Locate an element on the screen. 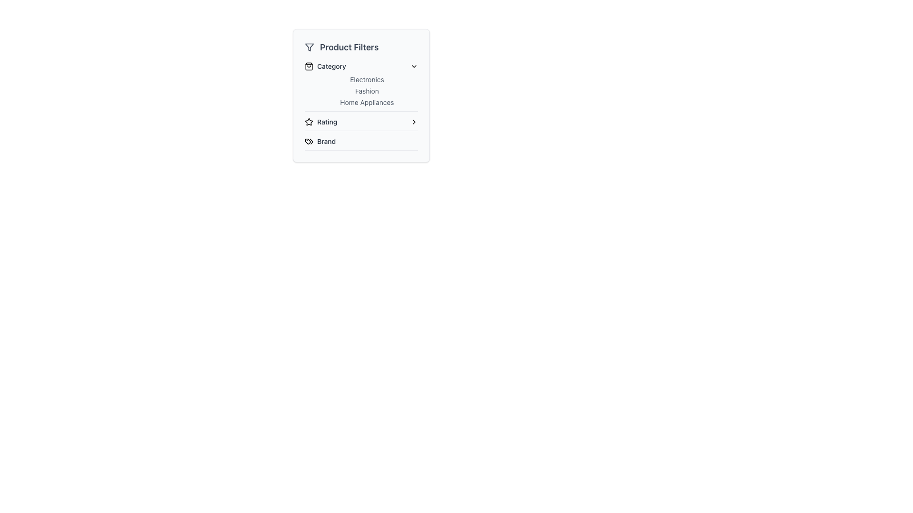 The image size is (913, 513). the dropdown trigger label located at the top of the 'Product Filters' panel, the first clickable element in the section, to make it accessible for navigation is located at coordinates (325, 66).